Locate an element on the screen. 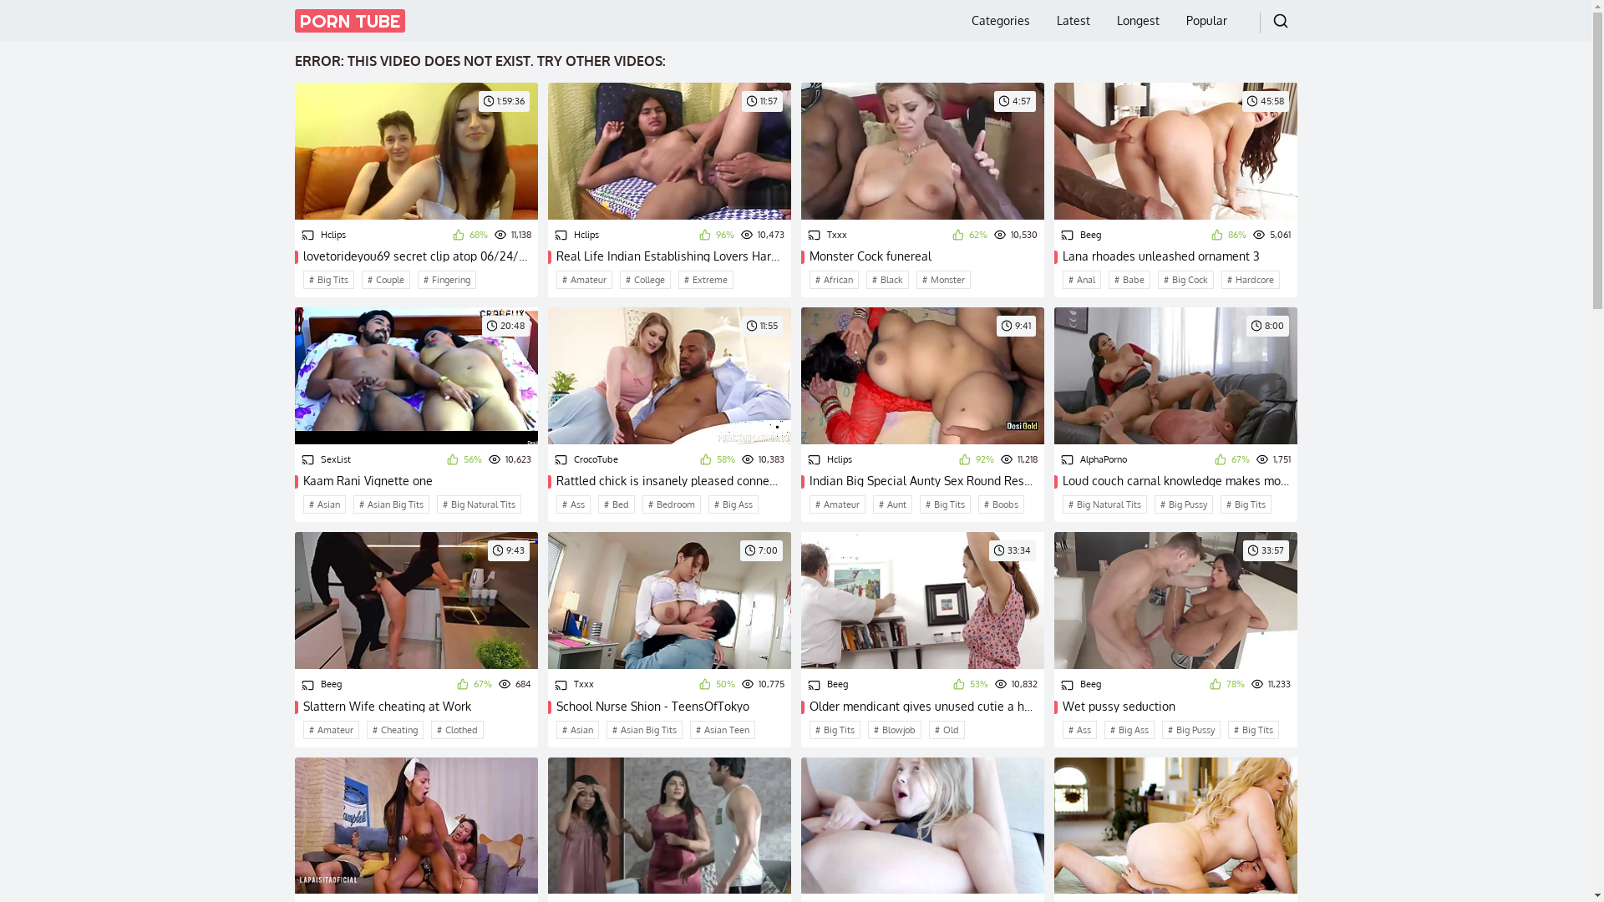  'CrocoTube' is located at coordinates (586, 460).